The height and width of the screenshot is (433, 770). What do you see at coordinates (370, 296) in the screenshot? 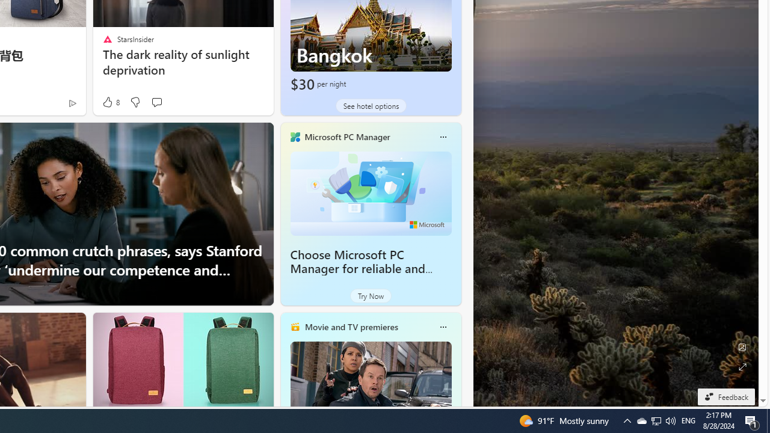
I see `'Try Now'` at bounding box center [370, 296].